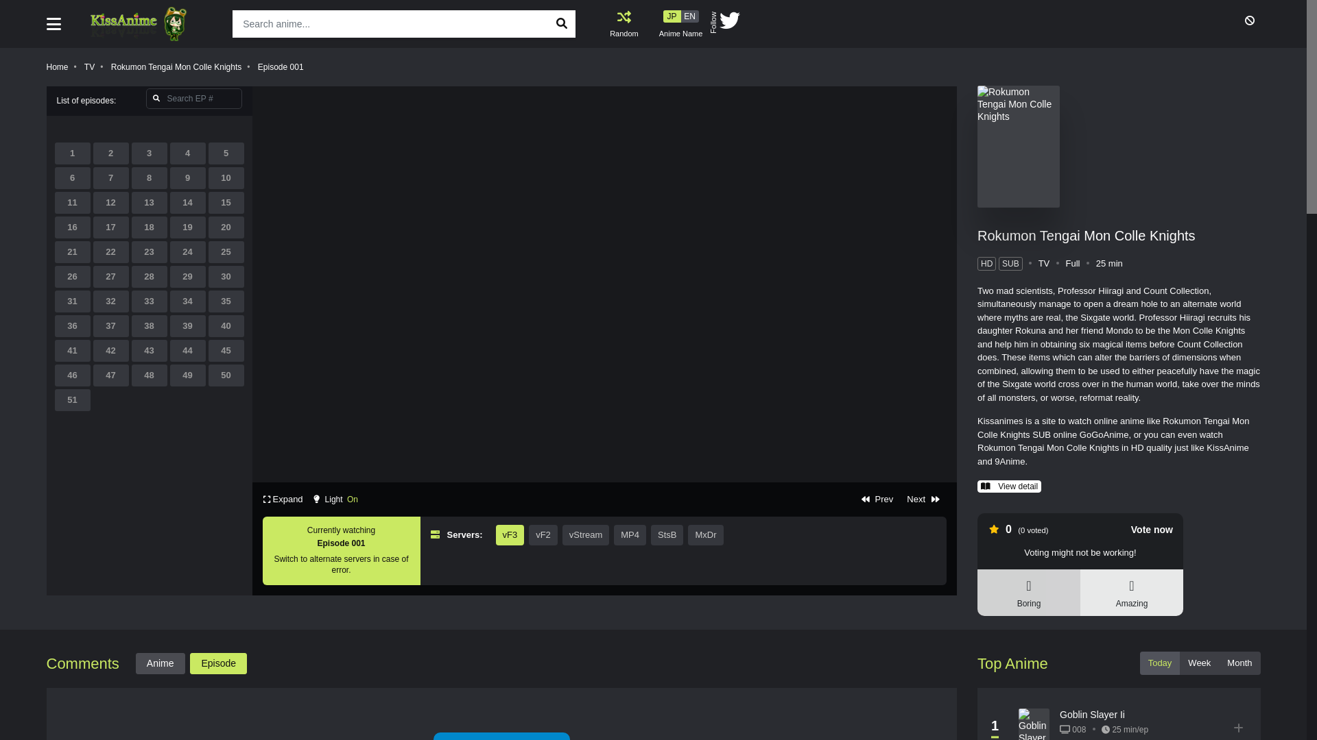 The height and width of the screenshot is (740, 1317). What do you see at coordinates (187, 203) in the screenshot?
I see `'14'` at bounding box center [187, 203].